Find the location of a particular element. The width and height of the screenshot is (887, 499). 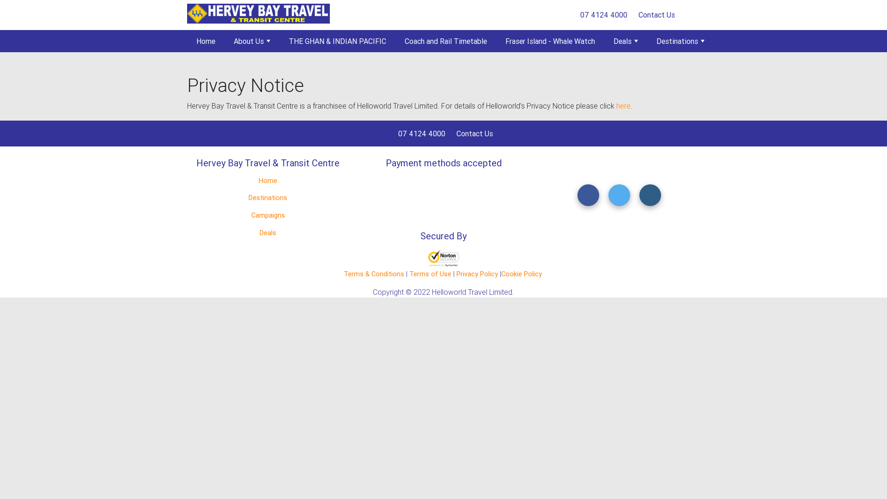

'07 4124 4000' is located at coordinates (572, 14).